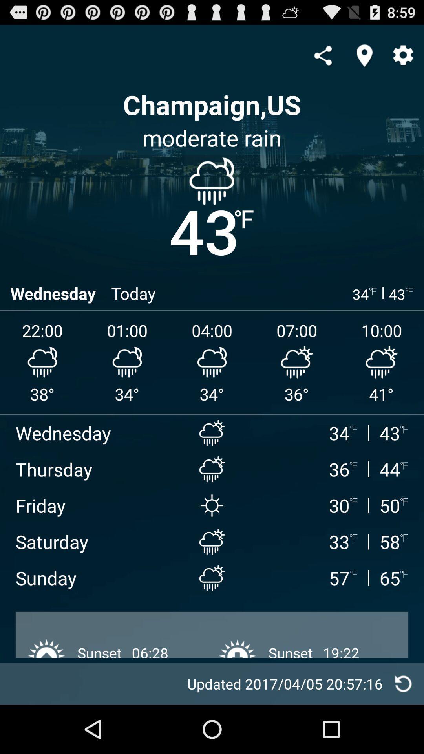  Describe the element at coordinates (403, 55) in the screenshot. I see `settings` at that location.